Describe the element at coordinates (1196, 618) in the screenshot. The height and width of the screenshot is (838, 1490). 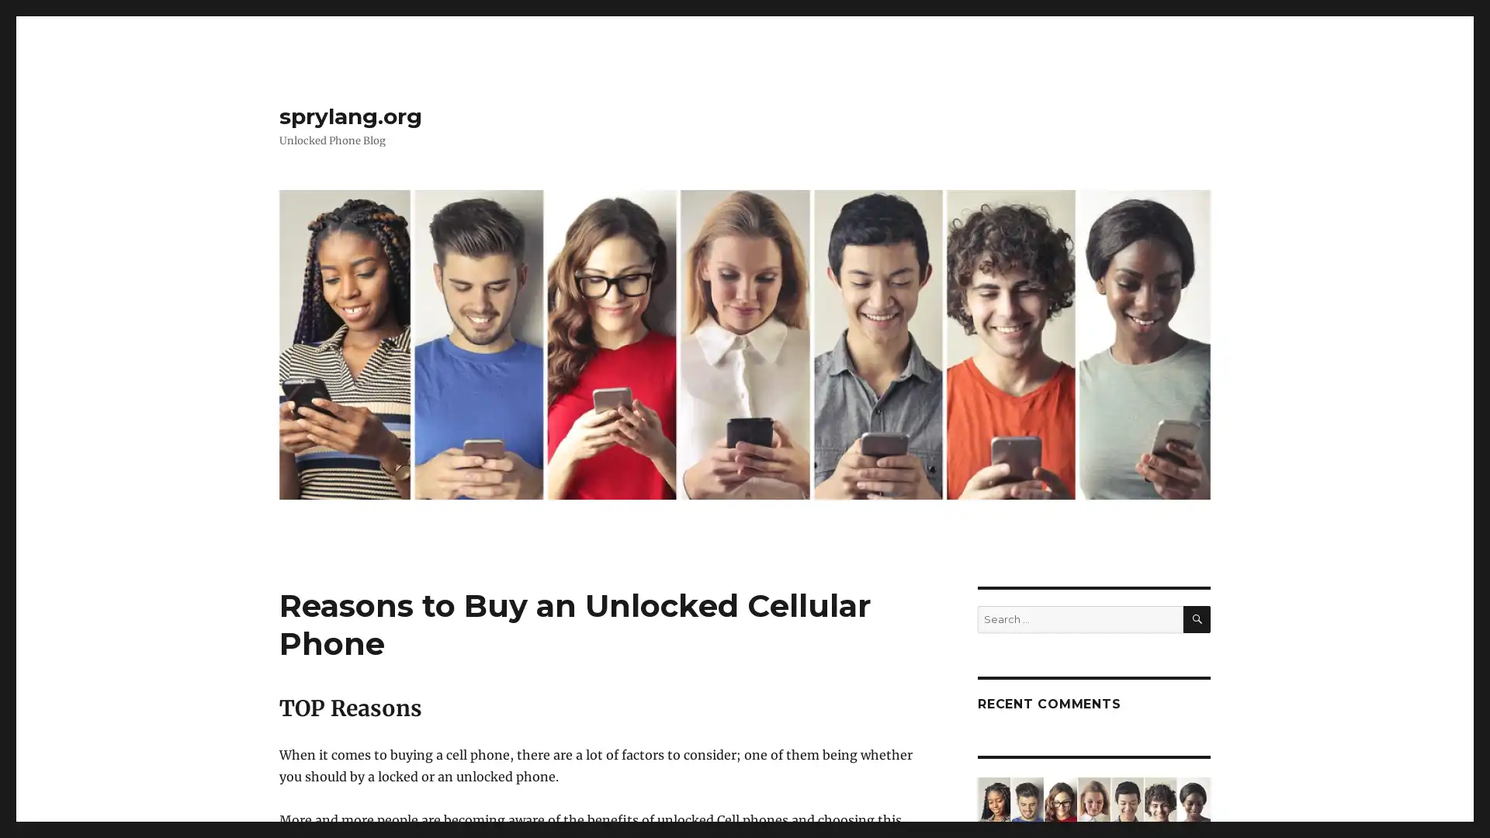
I see `SEARCH` at that location.